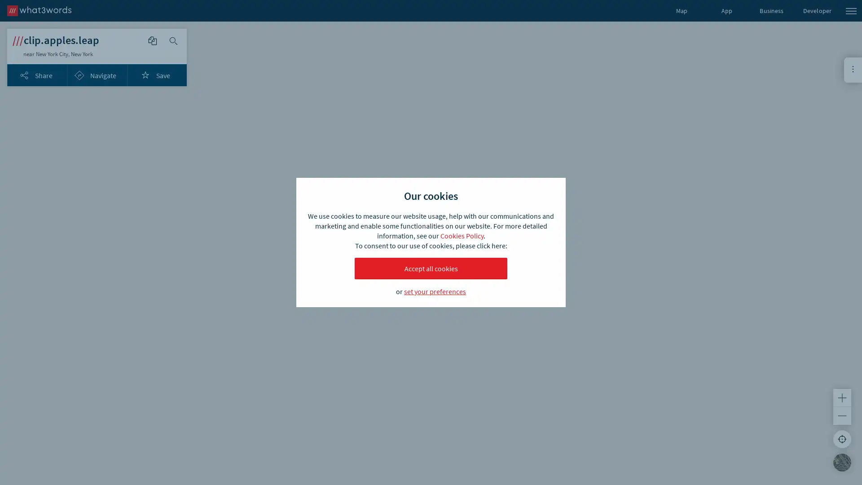  What do you see at coordinates (431, 268) in the screenshot?
I see `Accept all cookies` at bounding box center [431, 268].